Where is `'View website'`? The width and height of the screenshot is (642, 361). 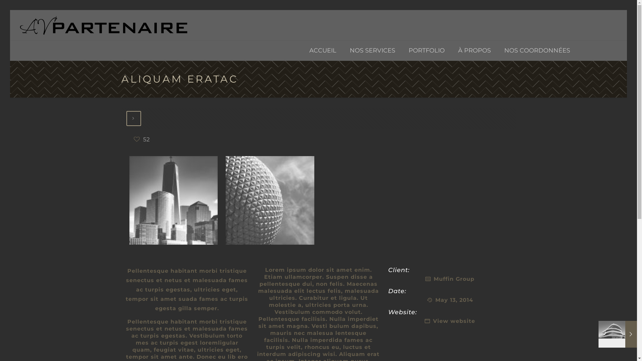 'View website' is located at coordinates (454, 321).